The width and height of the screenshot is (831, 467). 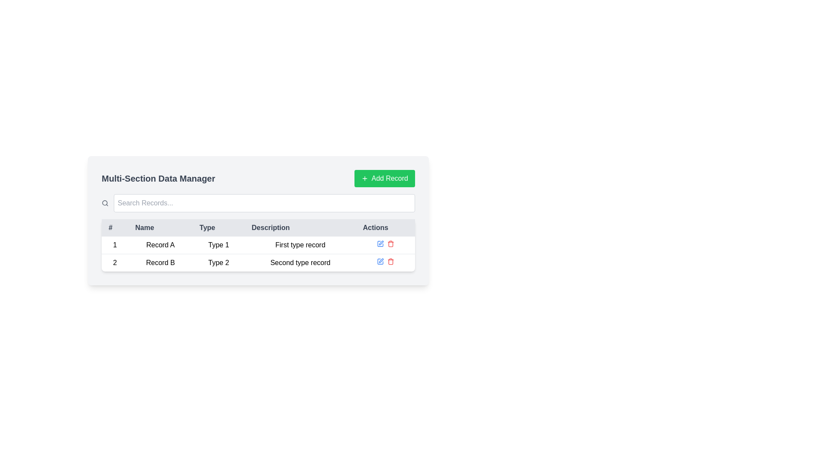 What do you see at coordinates (219, 262) in the screenshot?
I see `the Text label located in the second data row of the table under the 'Type' column, positioned between 'Record B' and 'Second type record'` at bounding box center [219, 262].